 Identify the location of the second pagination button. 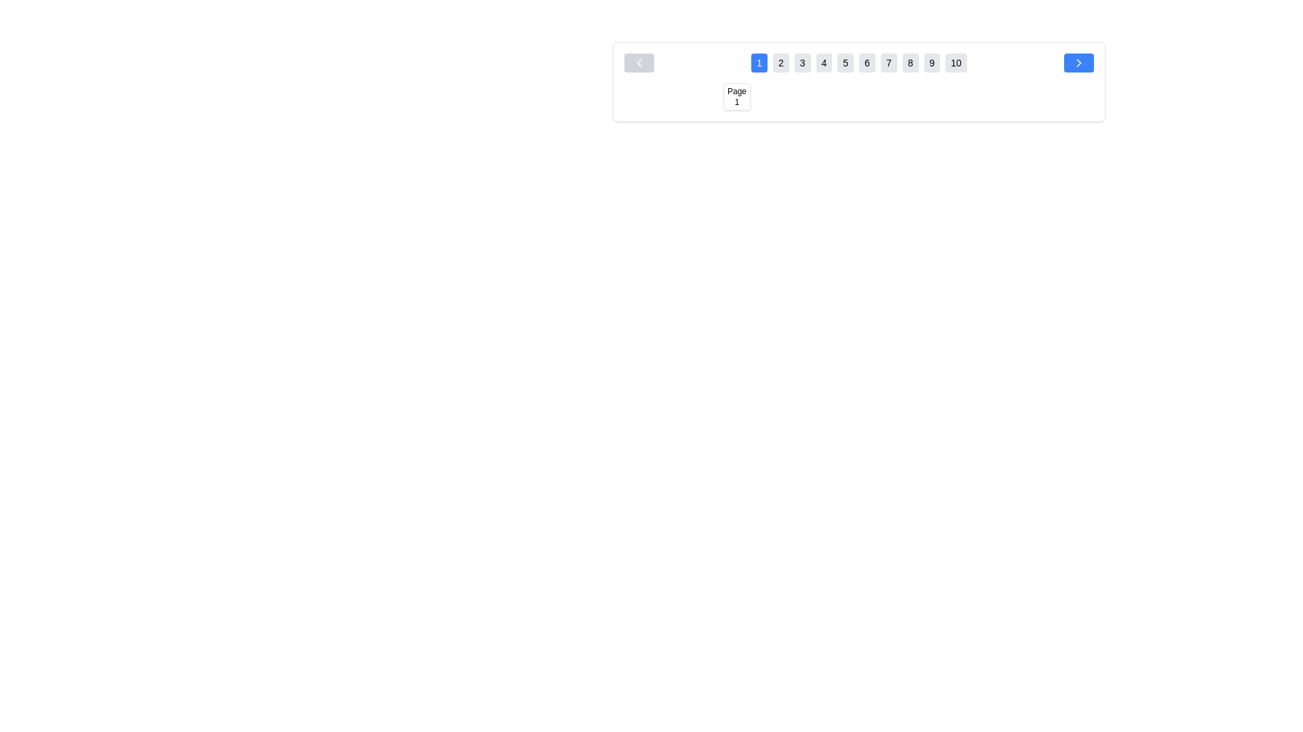
(780, 62).